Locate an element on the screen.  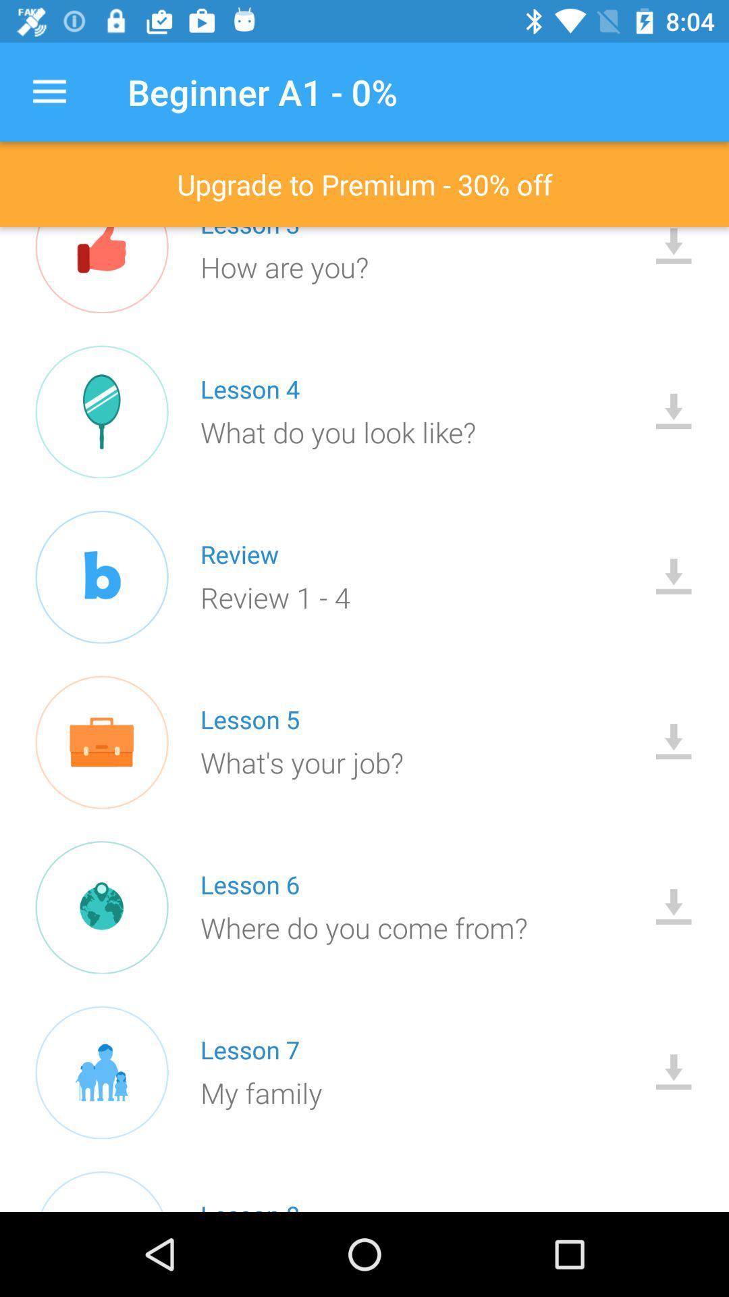
the app to the left of the beginner a1 - 0% app is located at coordinates (49, 91).